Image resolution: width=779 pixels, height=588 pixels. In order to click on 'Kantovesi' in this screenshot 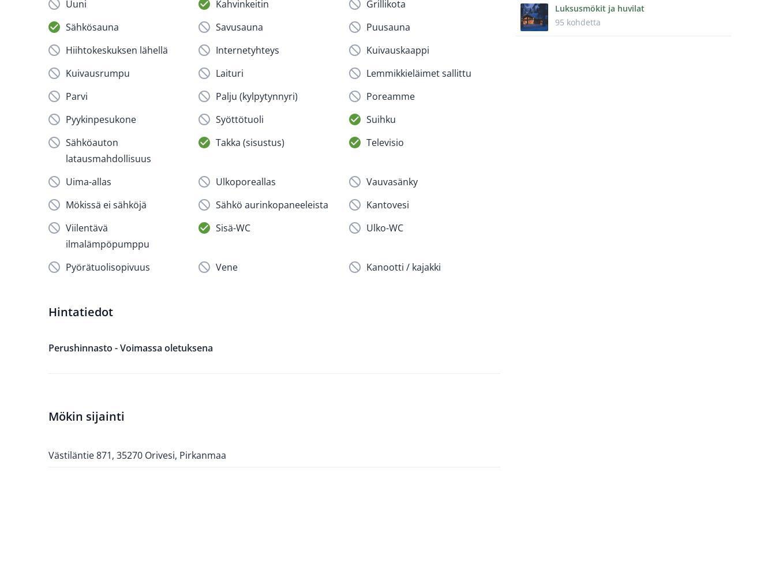, I will do `click(388, 204)`.